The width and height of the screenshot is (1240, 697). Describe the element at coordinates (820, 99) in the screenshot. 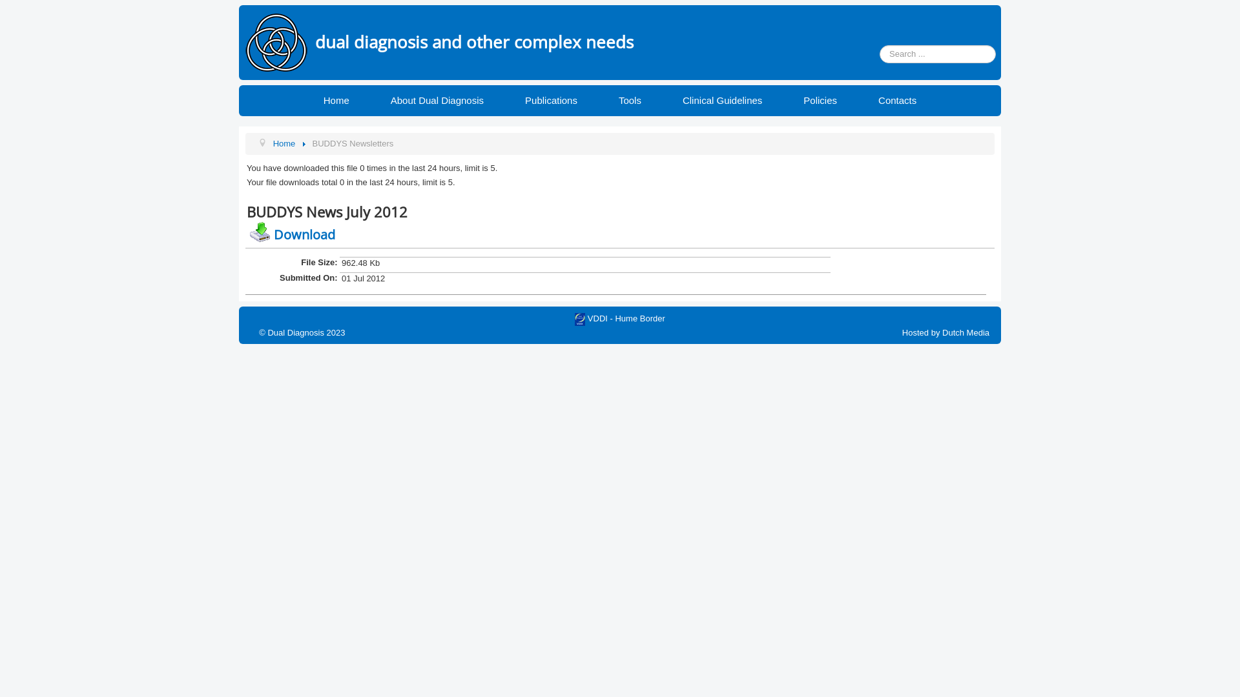

I see `'Policies'` at that location.